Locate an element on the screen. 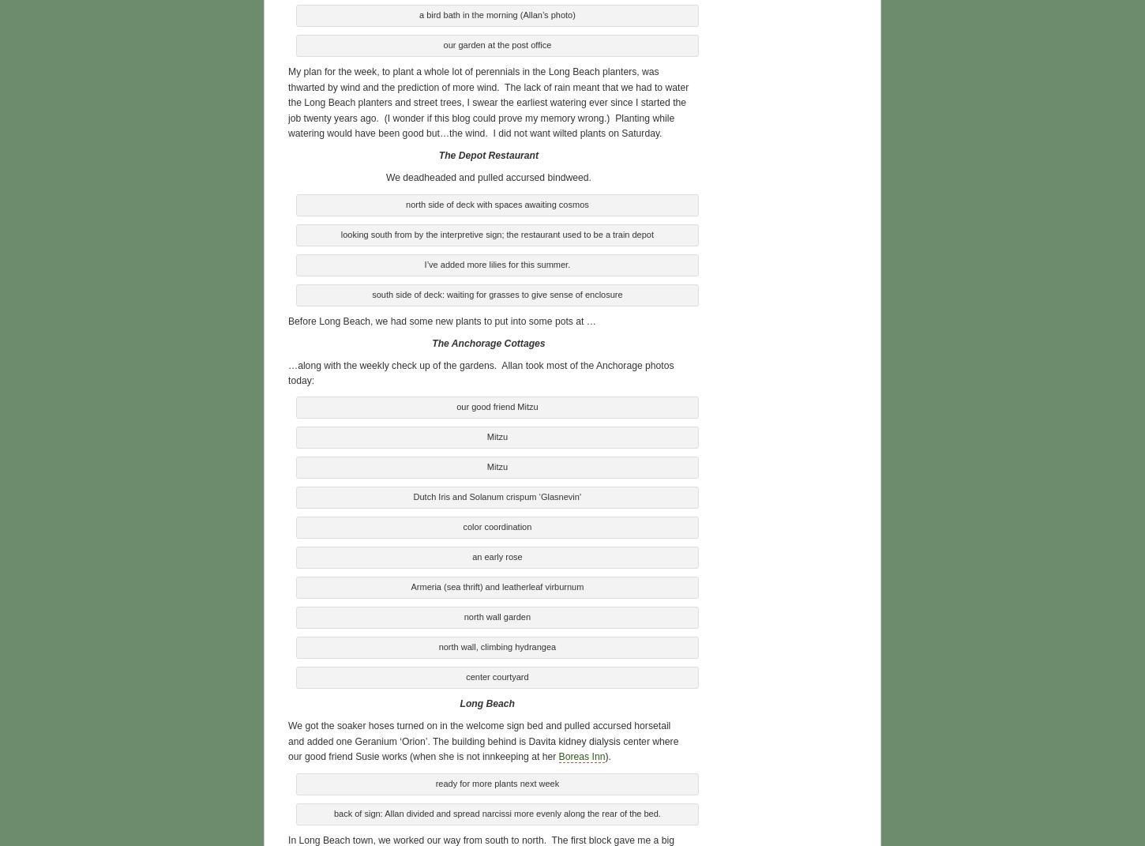 The height and width of the screenshot is (846, 1145). 'We deadheaded and pulled accursed bindweed.' is located at coordinates (486, 175).